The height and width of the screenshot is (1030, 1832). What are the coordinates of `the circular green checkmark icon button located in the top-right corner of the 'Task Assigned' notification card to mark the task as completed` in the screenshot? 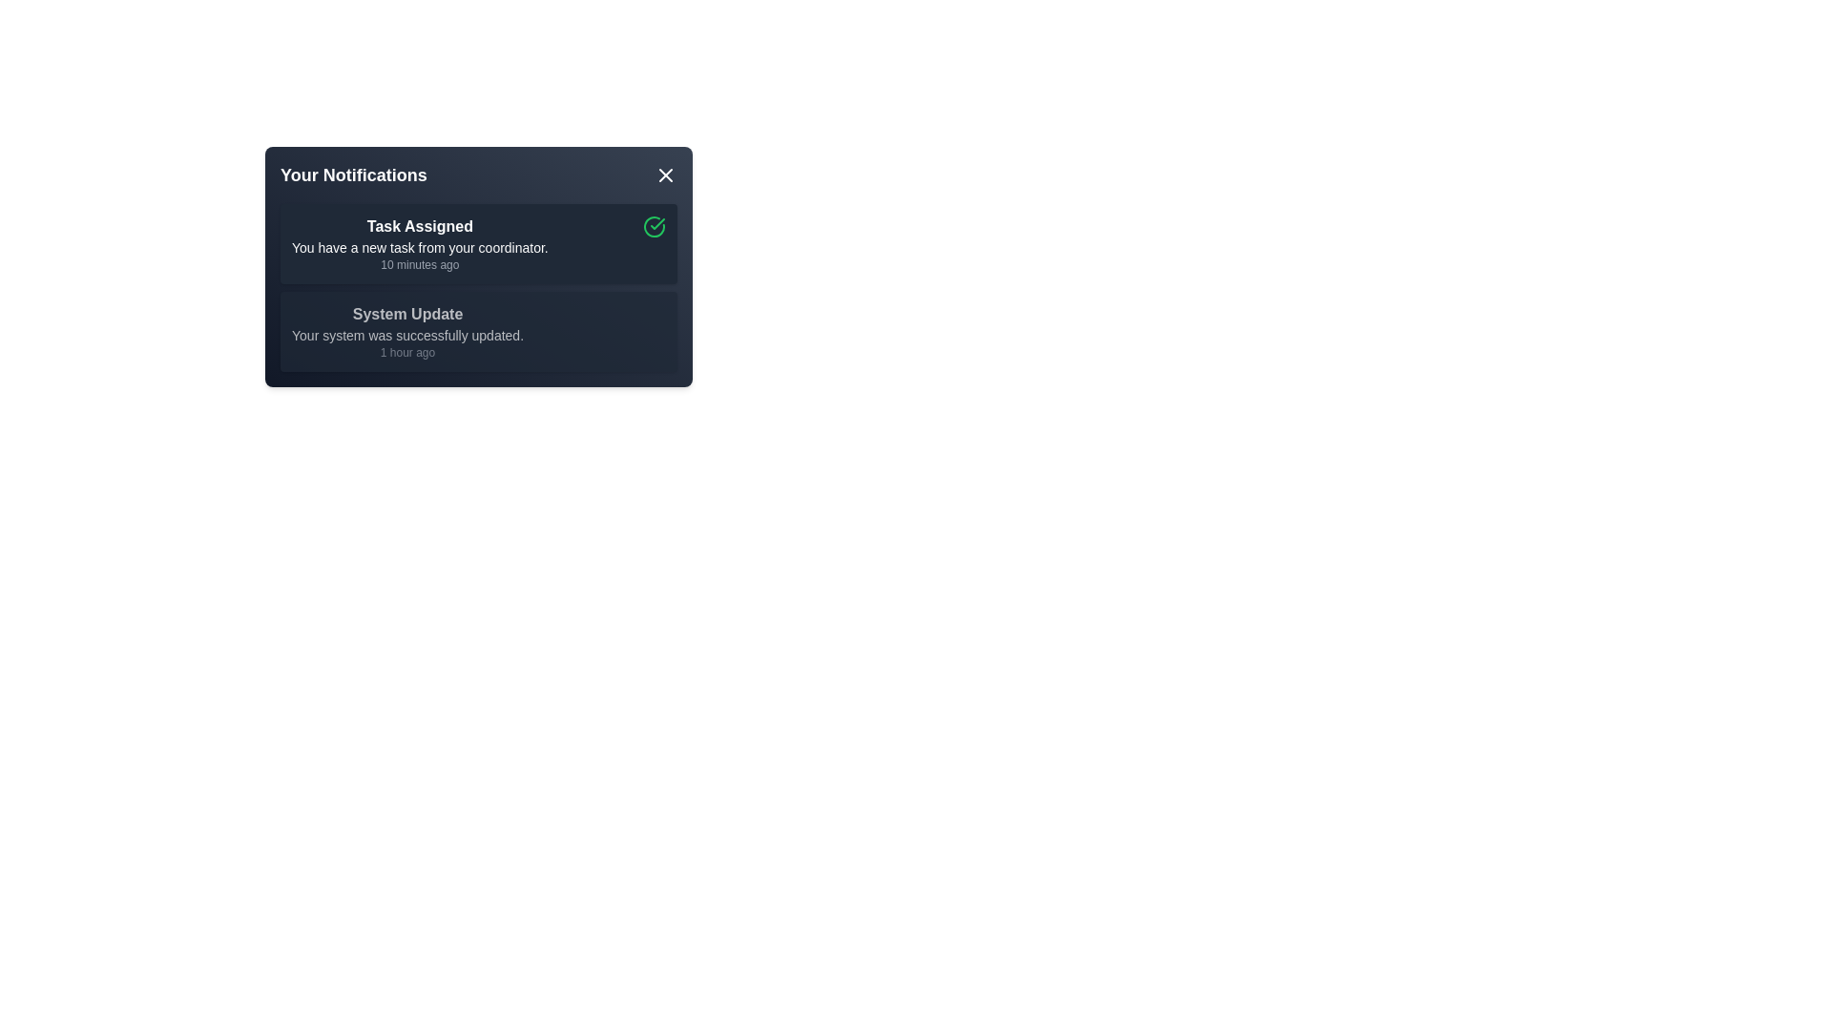 It's located at (655, 226).